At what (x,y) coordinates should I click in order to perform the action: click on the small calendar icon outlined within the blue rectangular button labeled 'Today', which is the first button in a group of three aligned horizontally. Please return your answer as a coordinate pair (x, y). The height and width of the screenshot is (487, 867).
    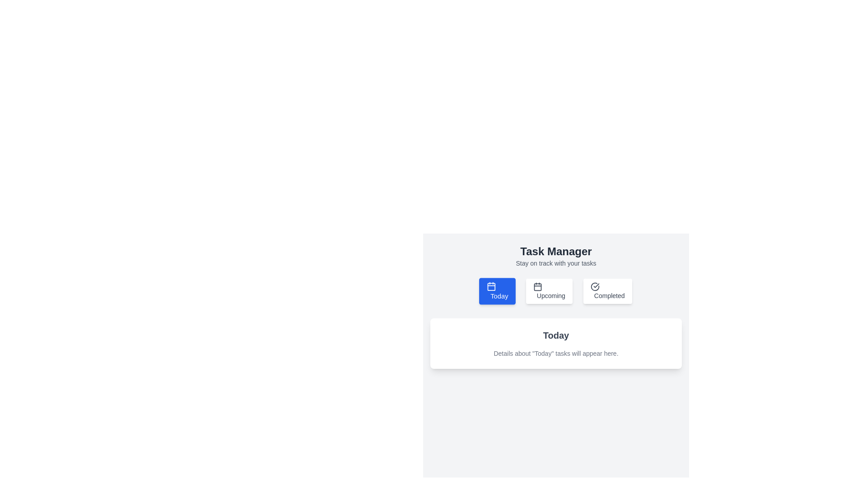
    Looking at the image, I should click on (491, 286).